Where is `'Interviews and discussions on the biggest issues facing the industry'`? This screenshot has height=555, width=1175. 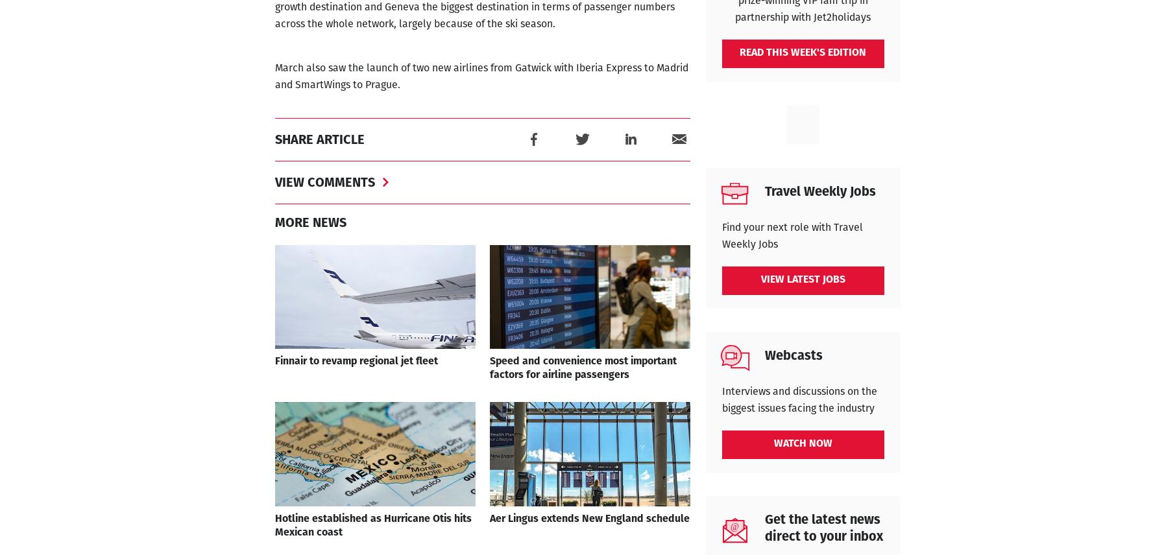 'Interviews and discussions on the biggest issues facing the industry' is located at coordinates (720, 400).